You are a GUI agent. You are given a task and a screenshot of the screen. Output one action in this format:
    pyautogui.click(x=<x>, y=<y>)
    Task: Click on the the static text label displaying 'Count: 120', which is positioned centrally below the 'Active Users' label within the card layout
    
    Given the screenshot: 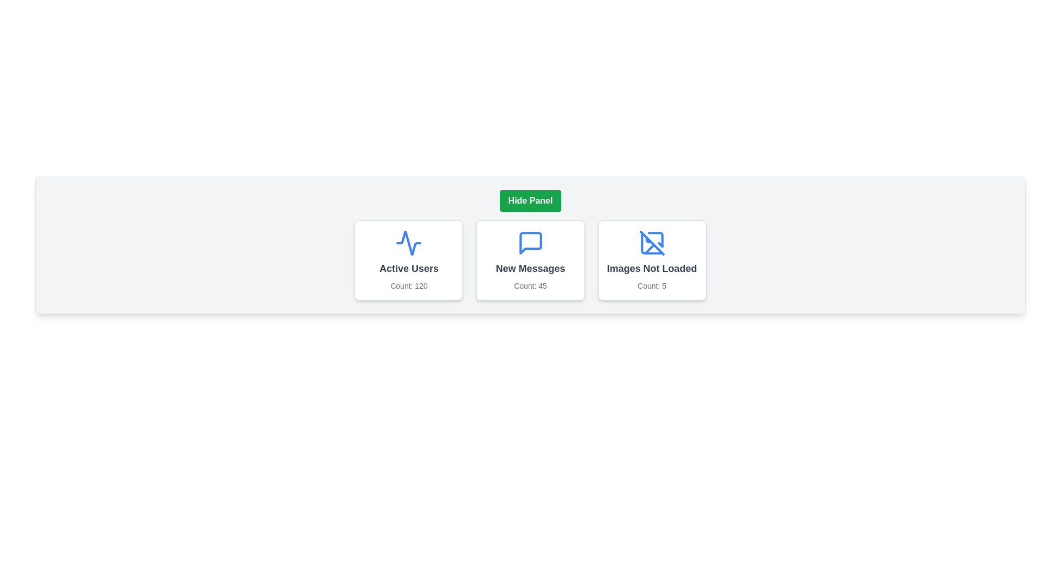 What is the action you would take?
    pyautogui.click(x=408, y=285)
    